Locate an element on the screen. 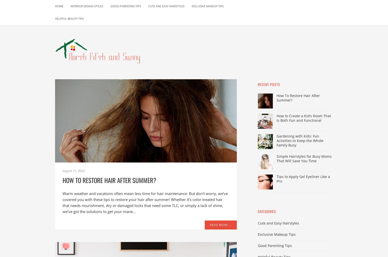 This screenshot has height=257, width=388. 'Read More …' is located at coordinates (221, 224).